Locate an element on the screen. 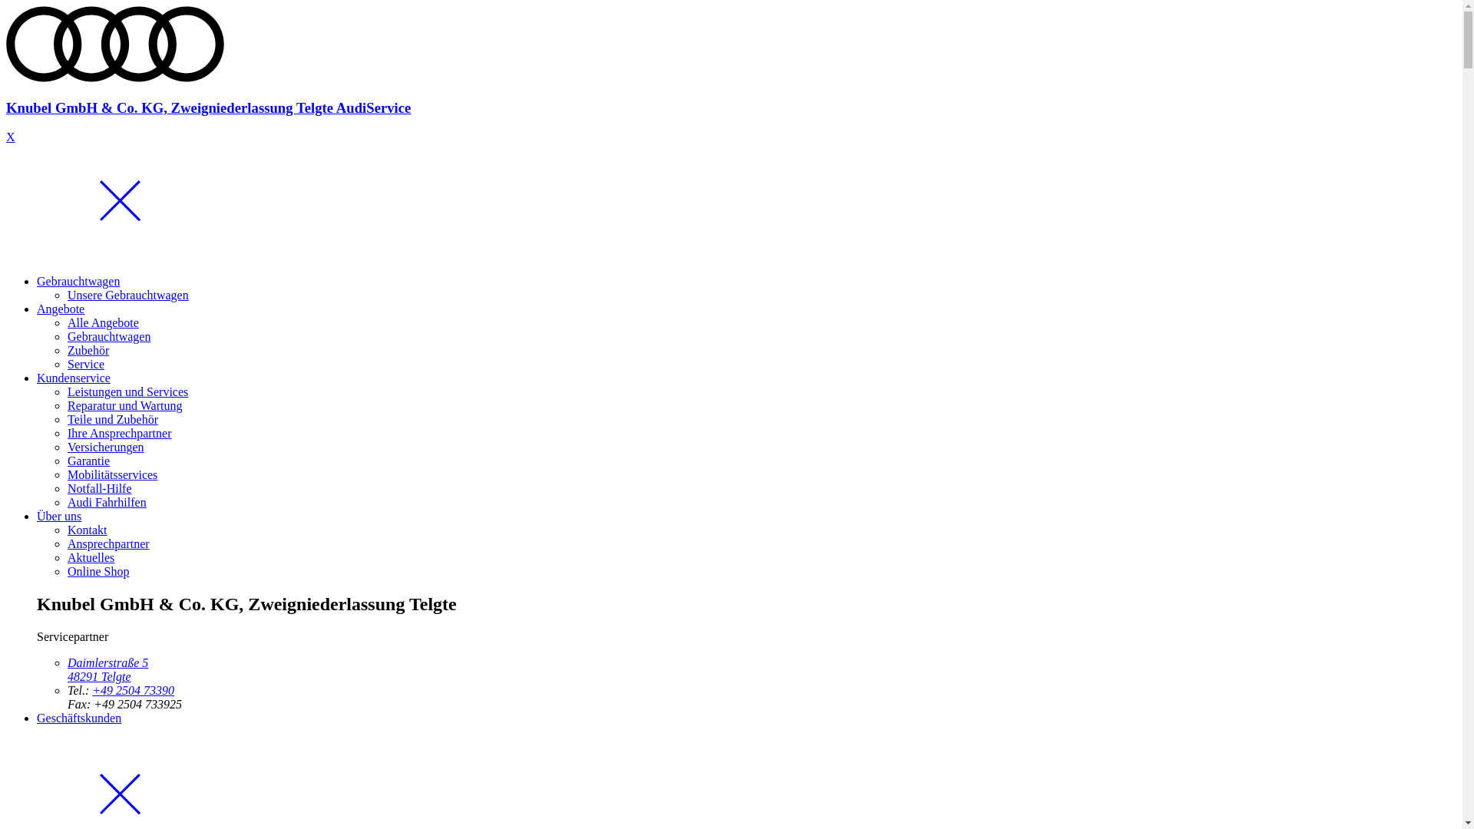 This screenshot has width=1474, height=829. 'Knubel GmbH & Co. KG, Zweigniederlassung Telgte AudiService' is located at coordinates (6, 94).